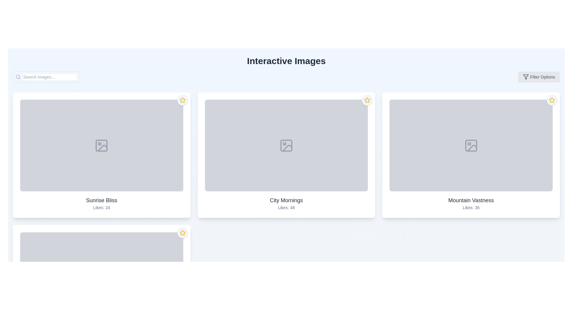 The width and height of the screenshot is (577, 325). I want to click on the circular search magnifier icon located in the top-left corner of the interface, which is part of the search functionality, so click(18, 76).